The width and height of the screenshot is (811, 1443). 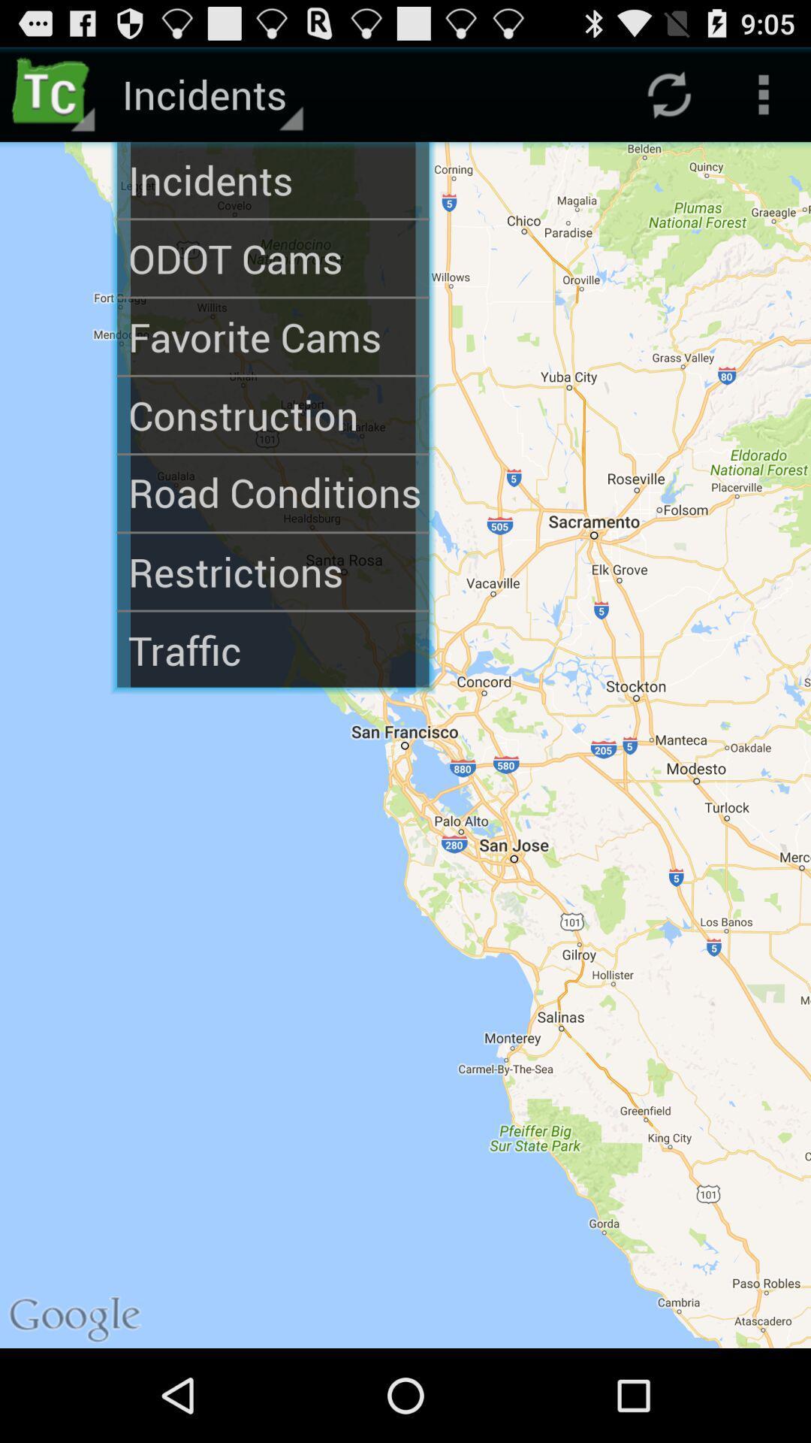 I want to click on the favorite cams app, so click(x=273, y=336).